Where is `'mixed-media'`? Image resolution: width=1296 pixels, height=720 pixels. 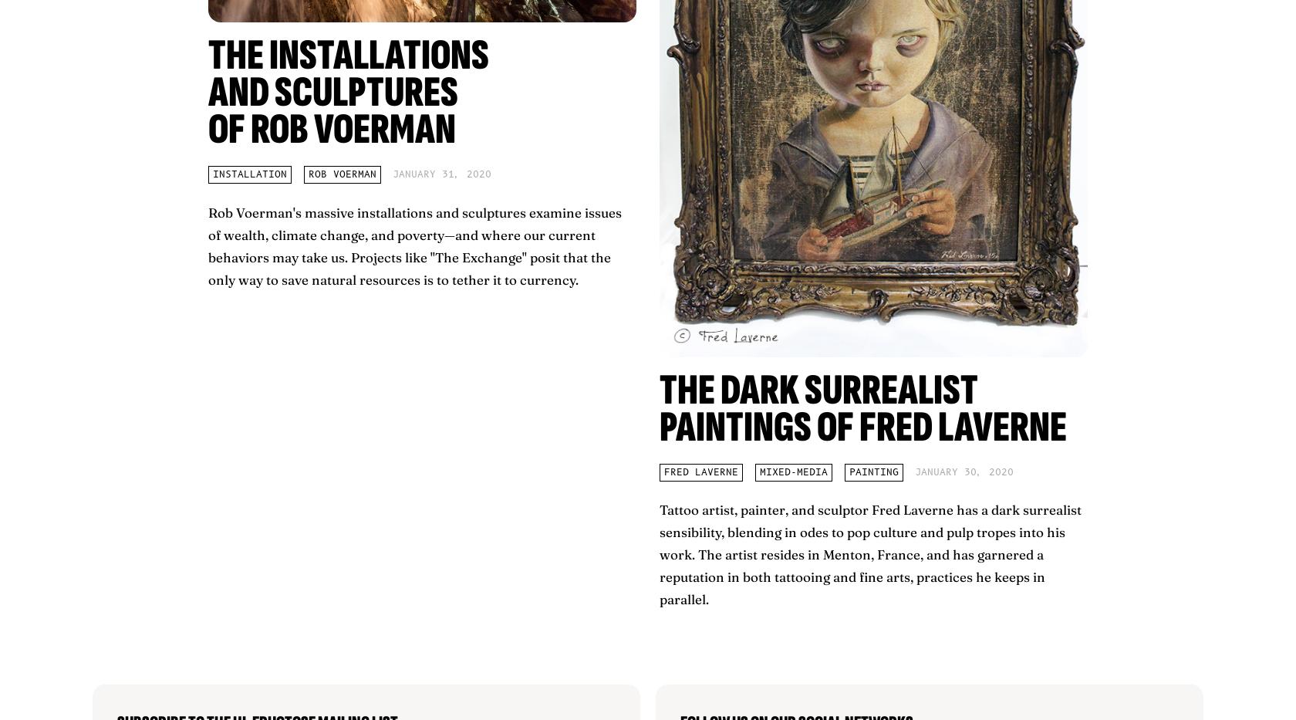
'mixed-media' is located at coordinates (794, 472).